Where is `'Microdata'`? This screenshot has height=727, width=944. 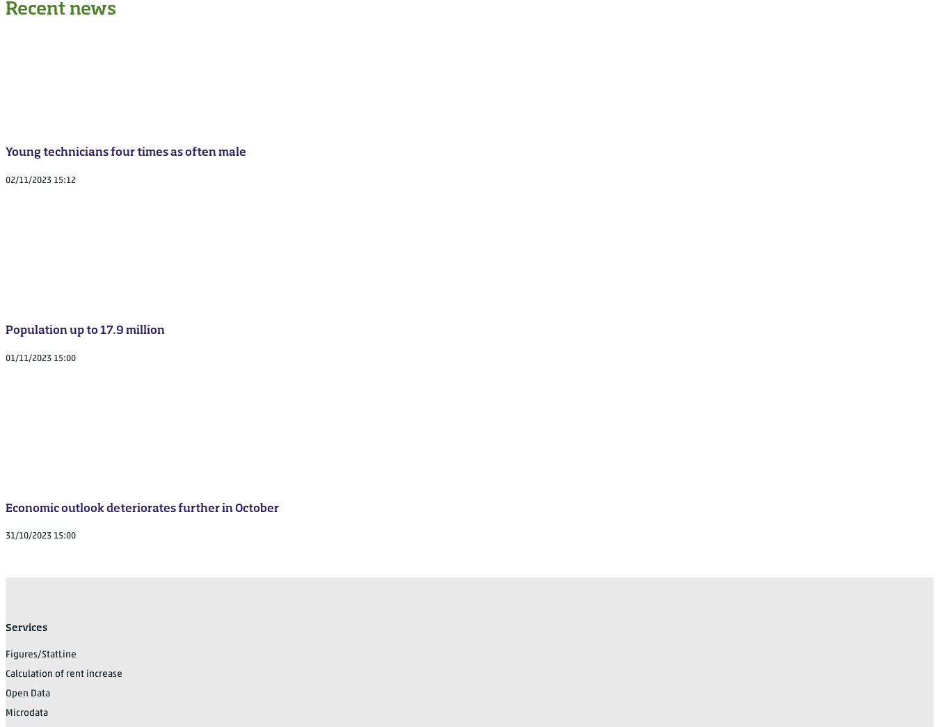
'Microdata' is located at coordinates (5, 712).